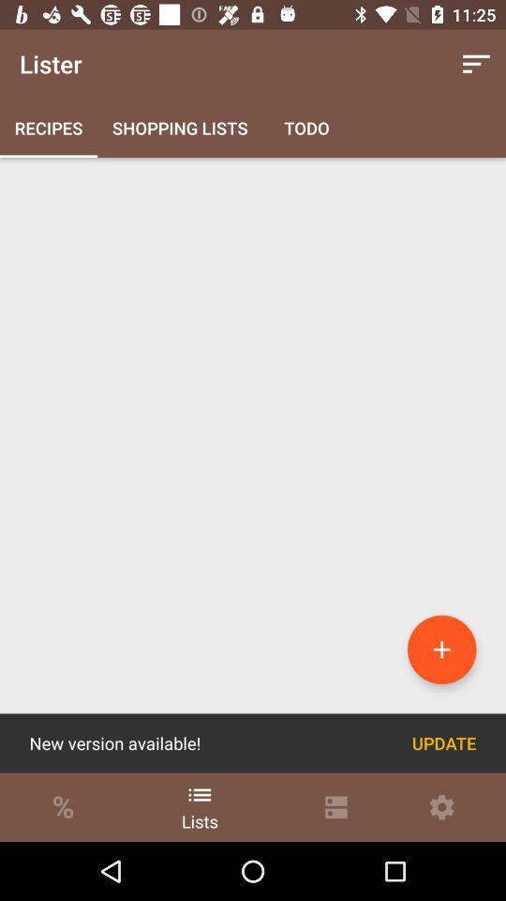 Image resolution: width=506 pixels, height=901 pixels. Describe the element at coordinates (476, 64) in the screenshot. I see `icon next to lister item` at that location.